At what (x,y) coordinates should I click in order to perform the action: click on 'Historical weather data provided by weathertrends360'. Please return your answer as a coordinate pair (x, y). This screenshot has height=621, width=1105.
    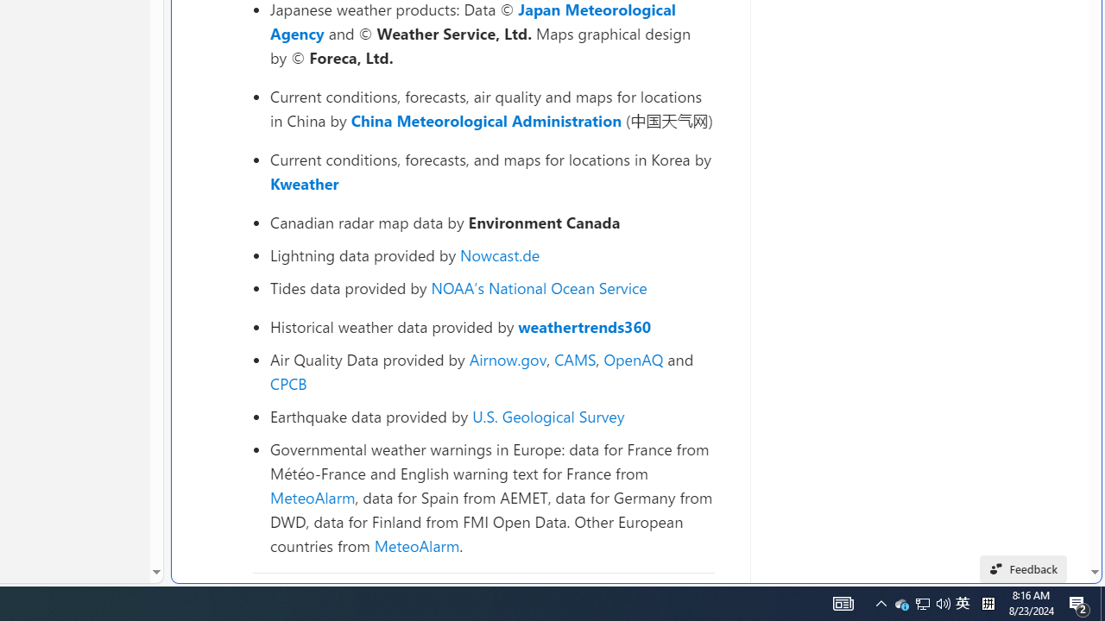
    Looking at the image, I should click on (491, 327).